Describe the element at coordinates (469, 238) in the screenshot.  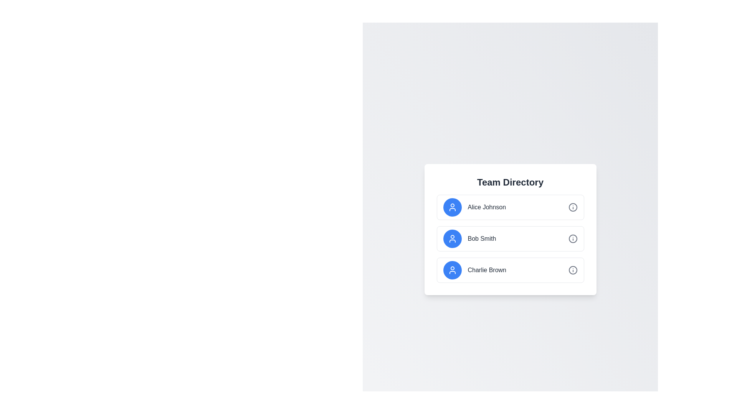
I see `the list item representing user 'Bob Smith' in the Team Directory` at that location.